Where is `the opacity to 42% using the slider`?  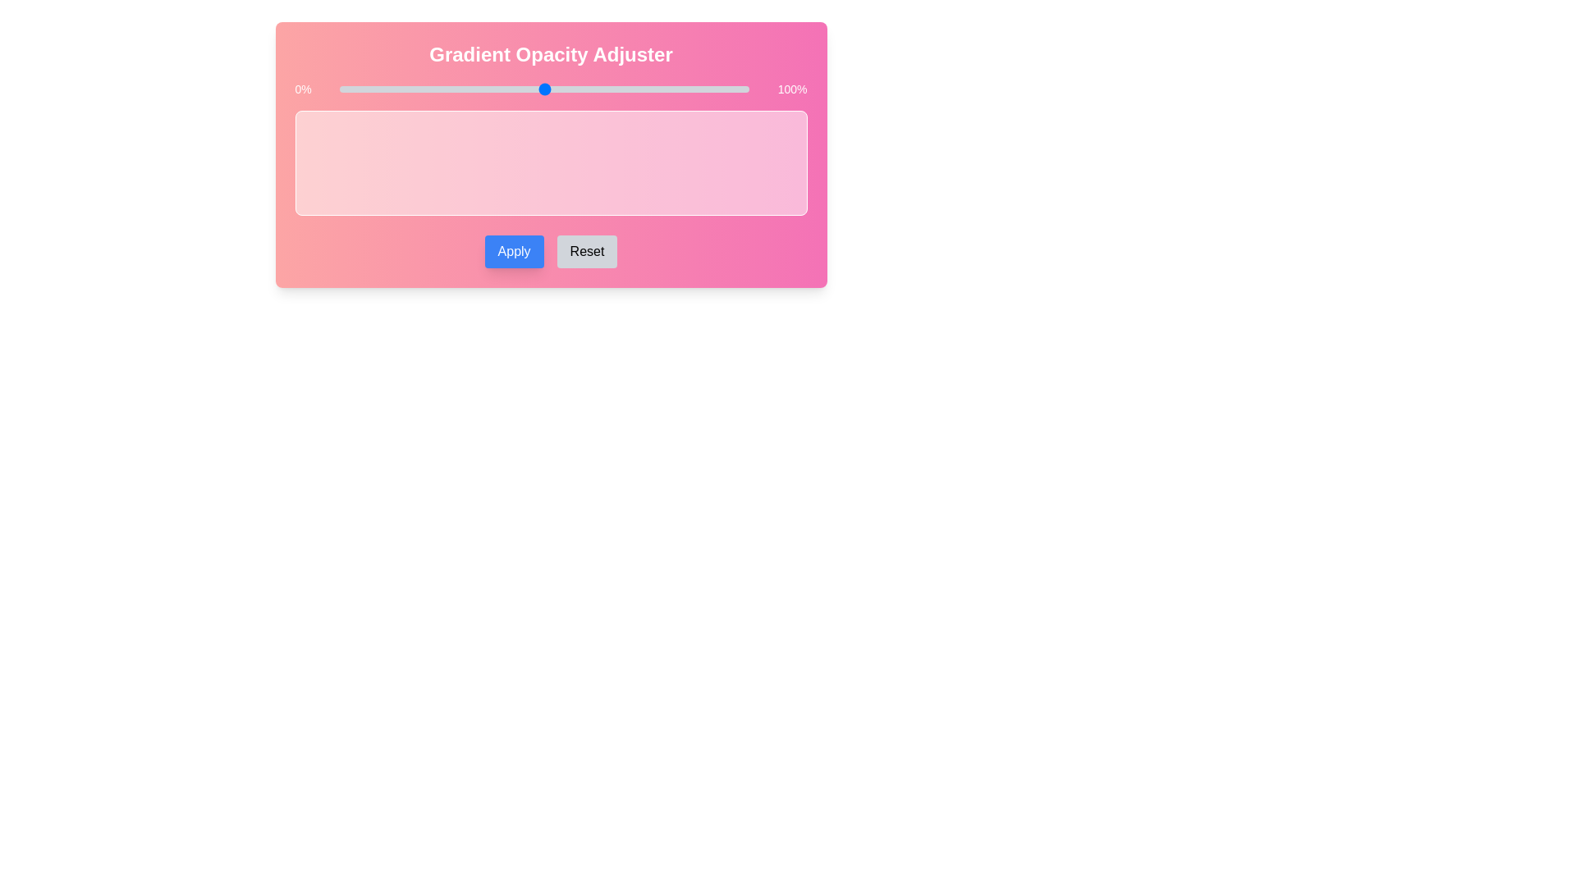 the opacity to 42% using the slider is located at coordinates (511, 89).